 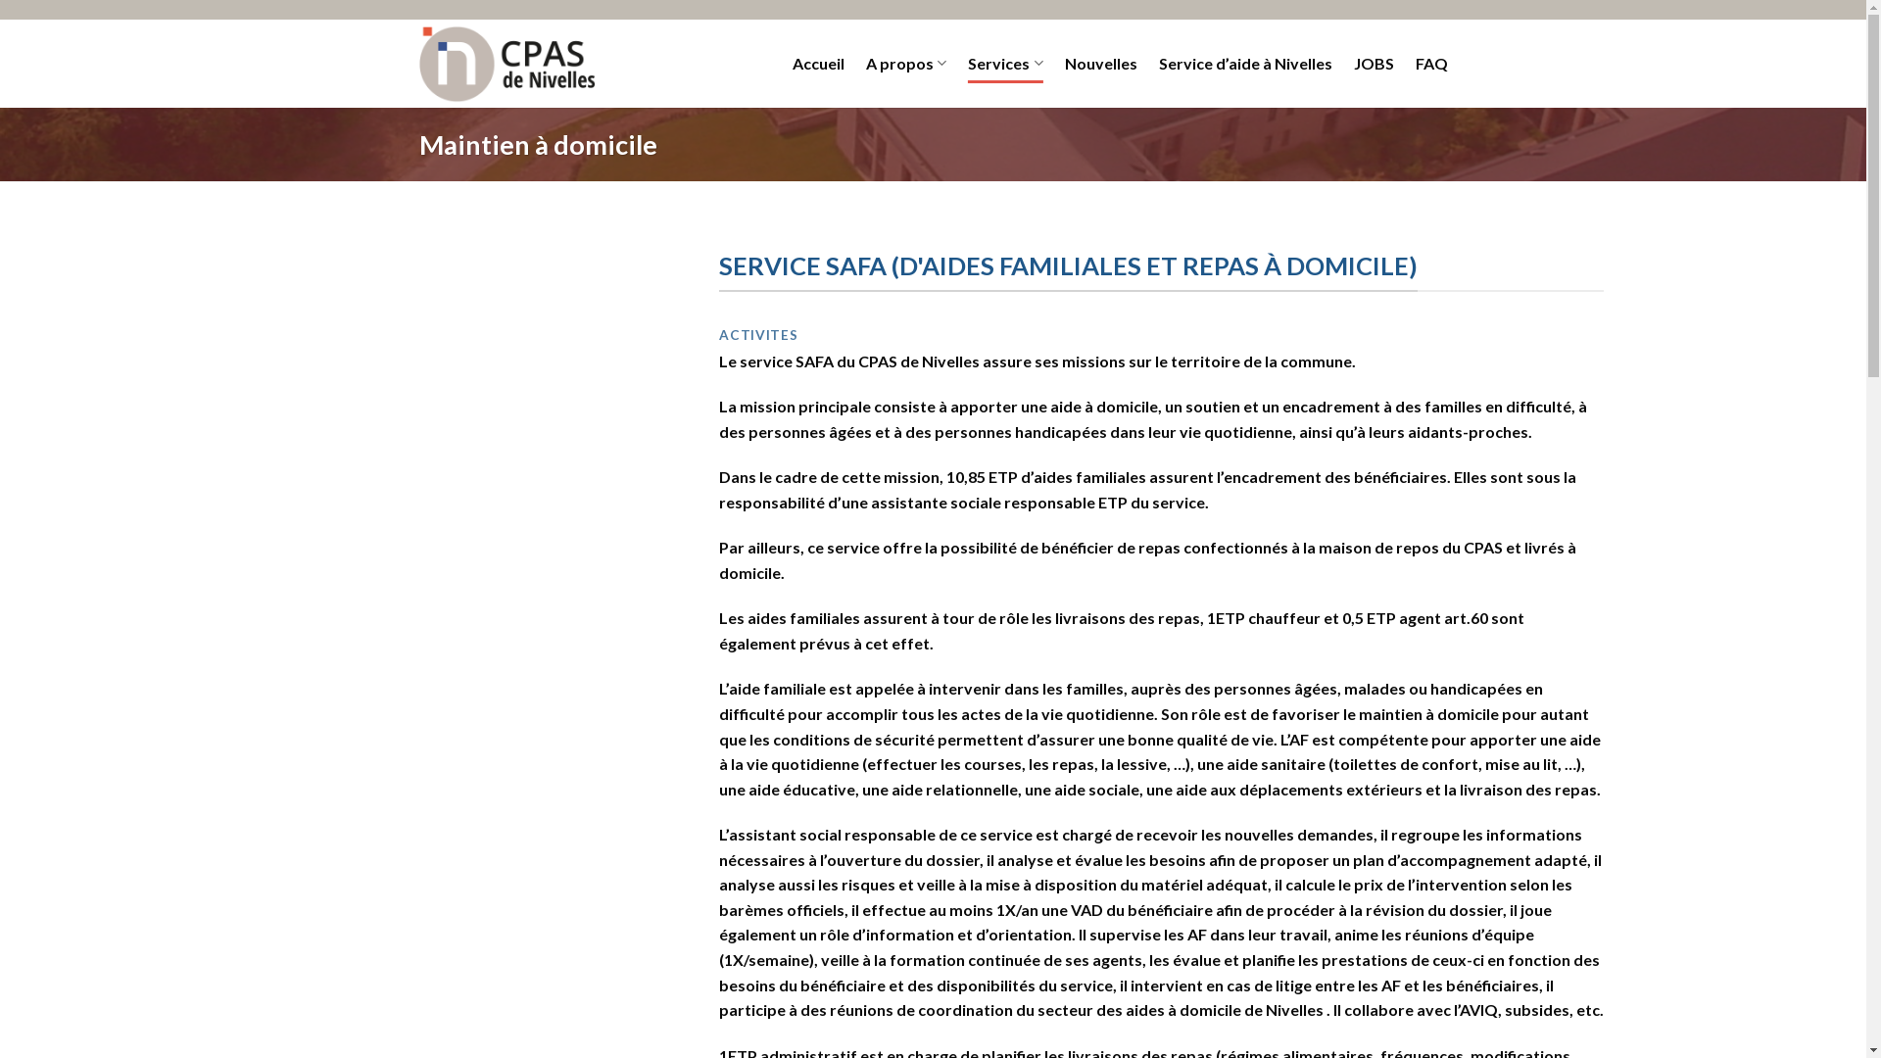 What do you see at coordinates (1430, 63) in the screenshot?
I see `'FAQ'` at bounding box center [1430, 63].